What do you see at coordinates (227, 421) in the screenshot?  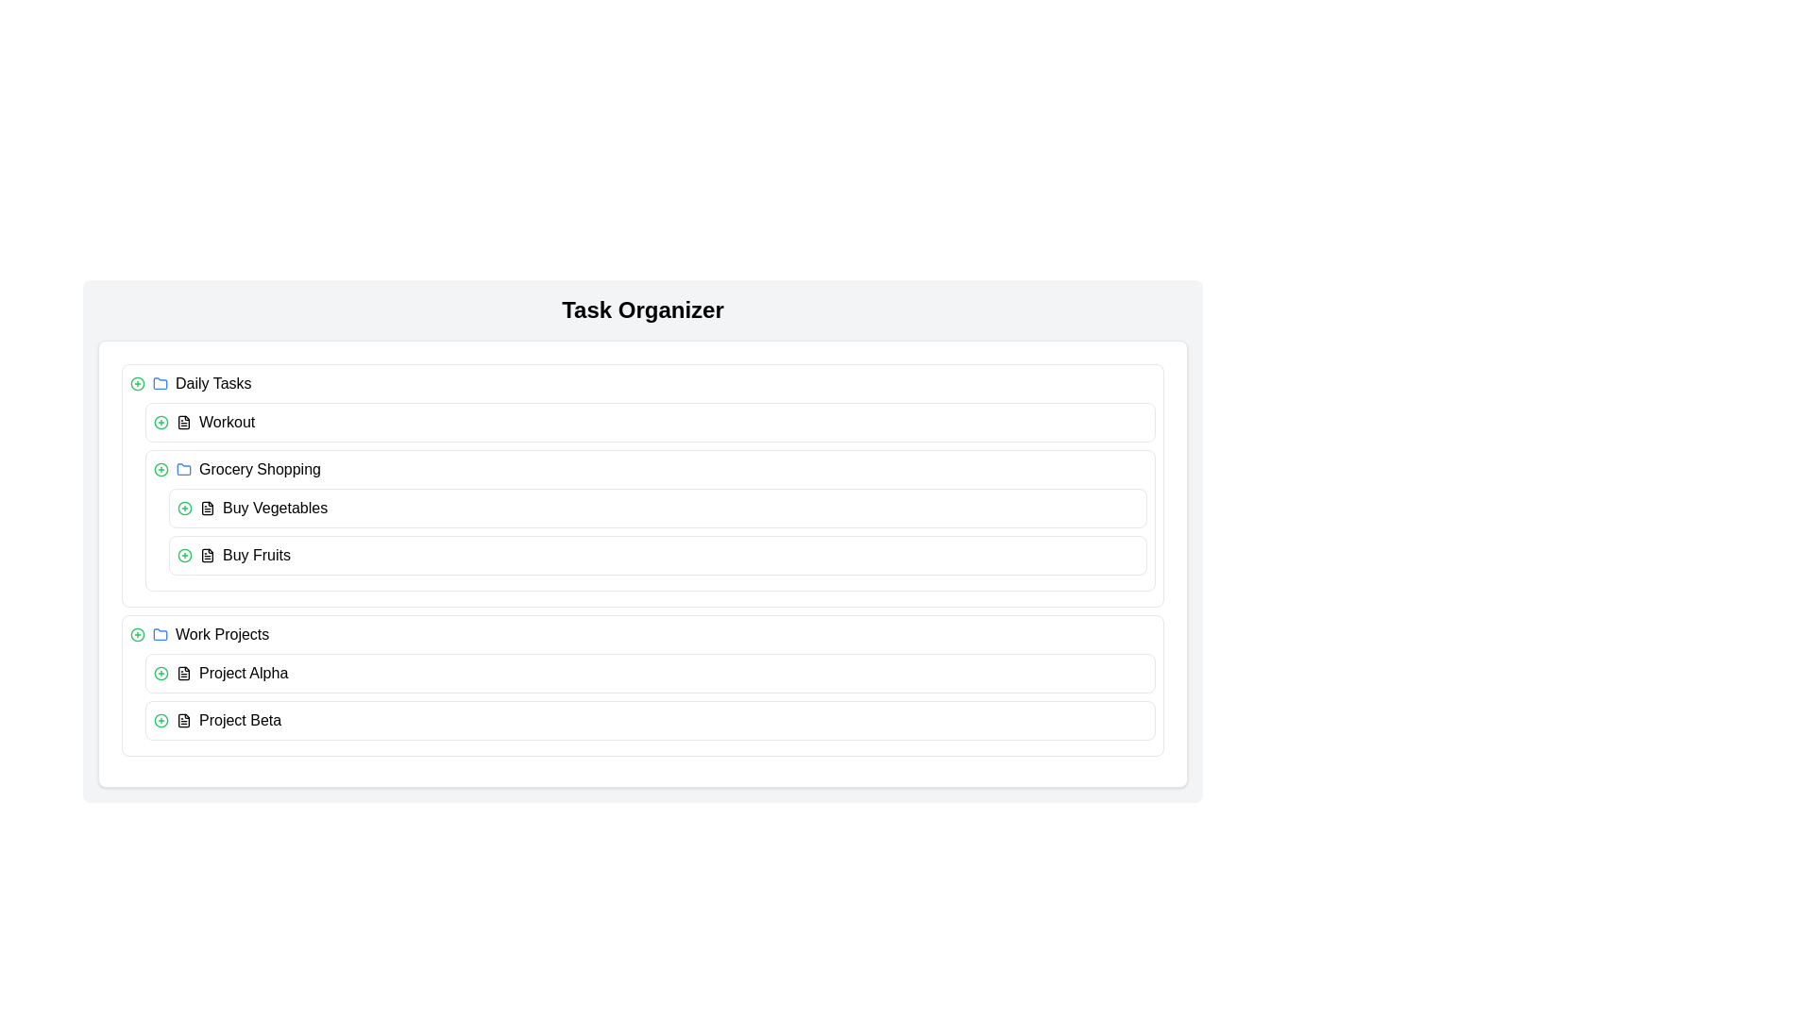 I see `the 'Workout' text label in the 'Daily Tasks' section` at bounding box center [227, 421].